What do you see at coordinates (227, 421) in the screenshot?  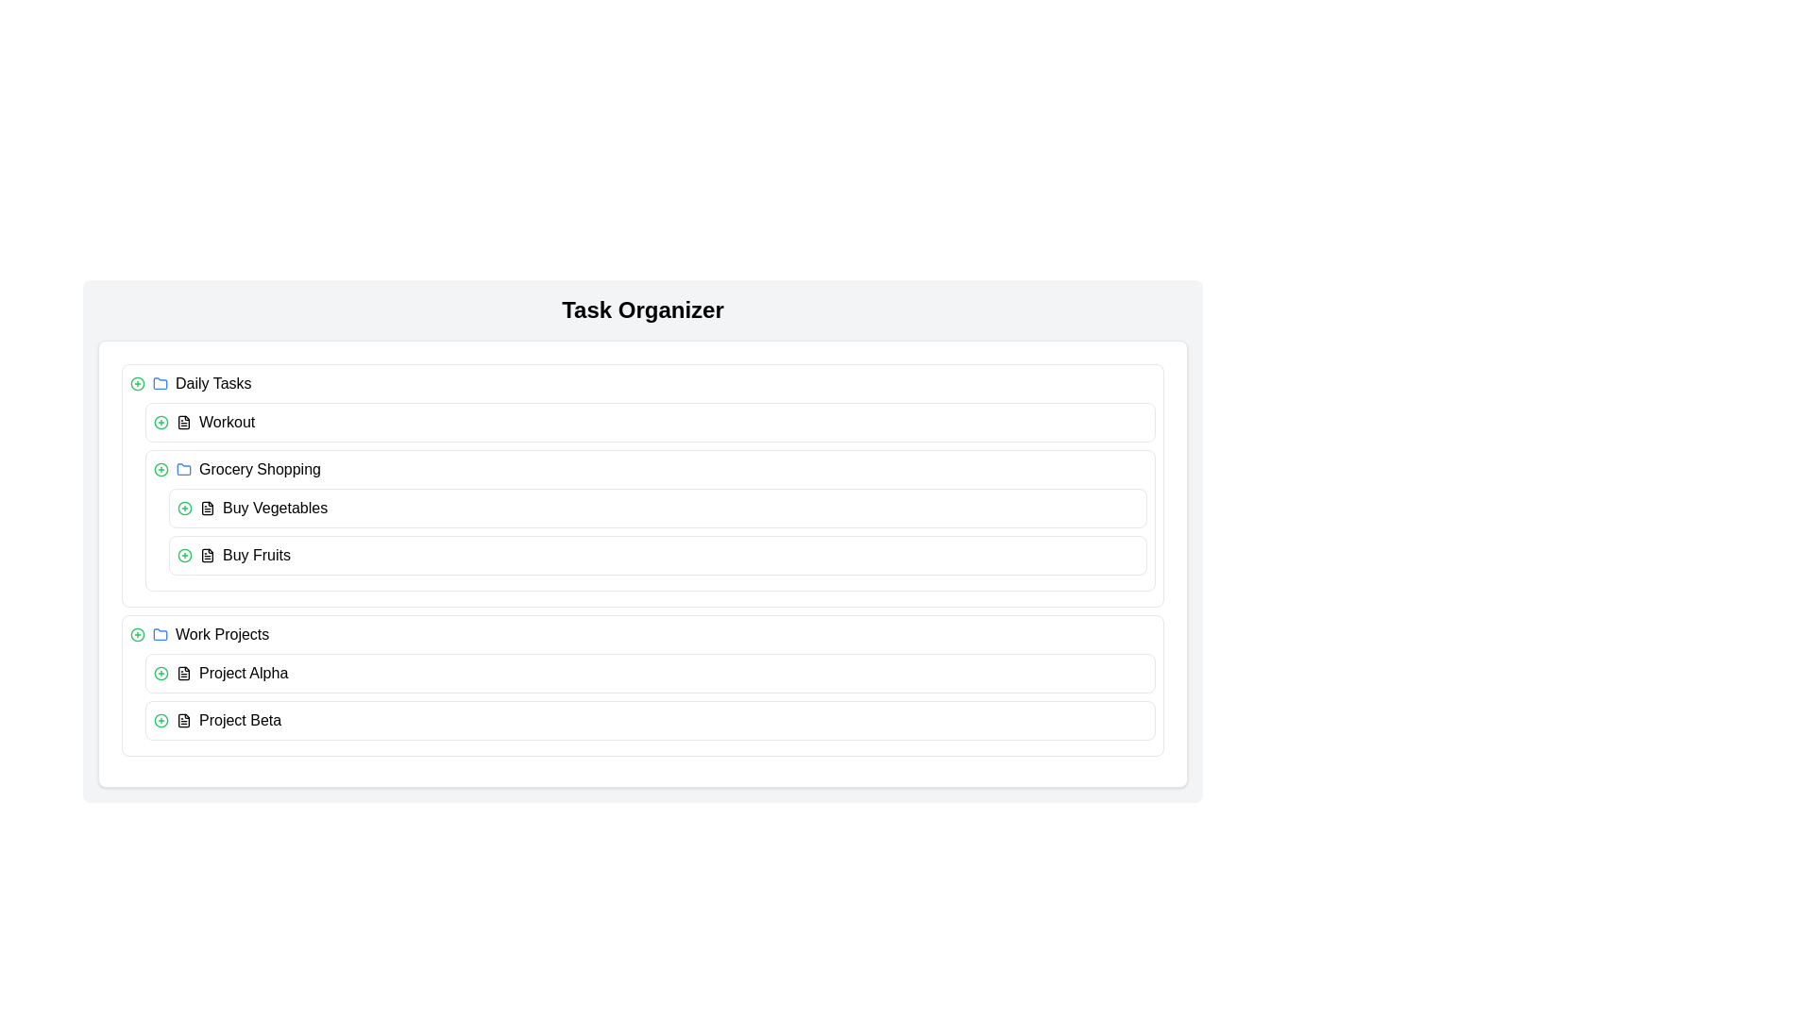 I see `the 'Workout' text label in the 'Daily Tasks' section` at bounding box center [227, 421].